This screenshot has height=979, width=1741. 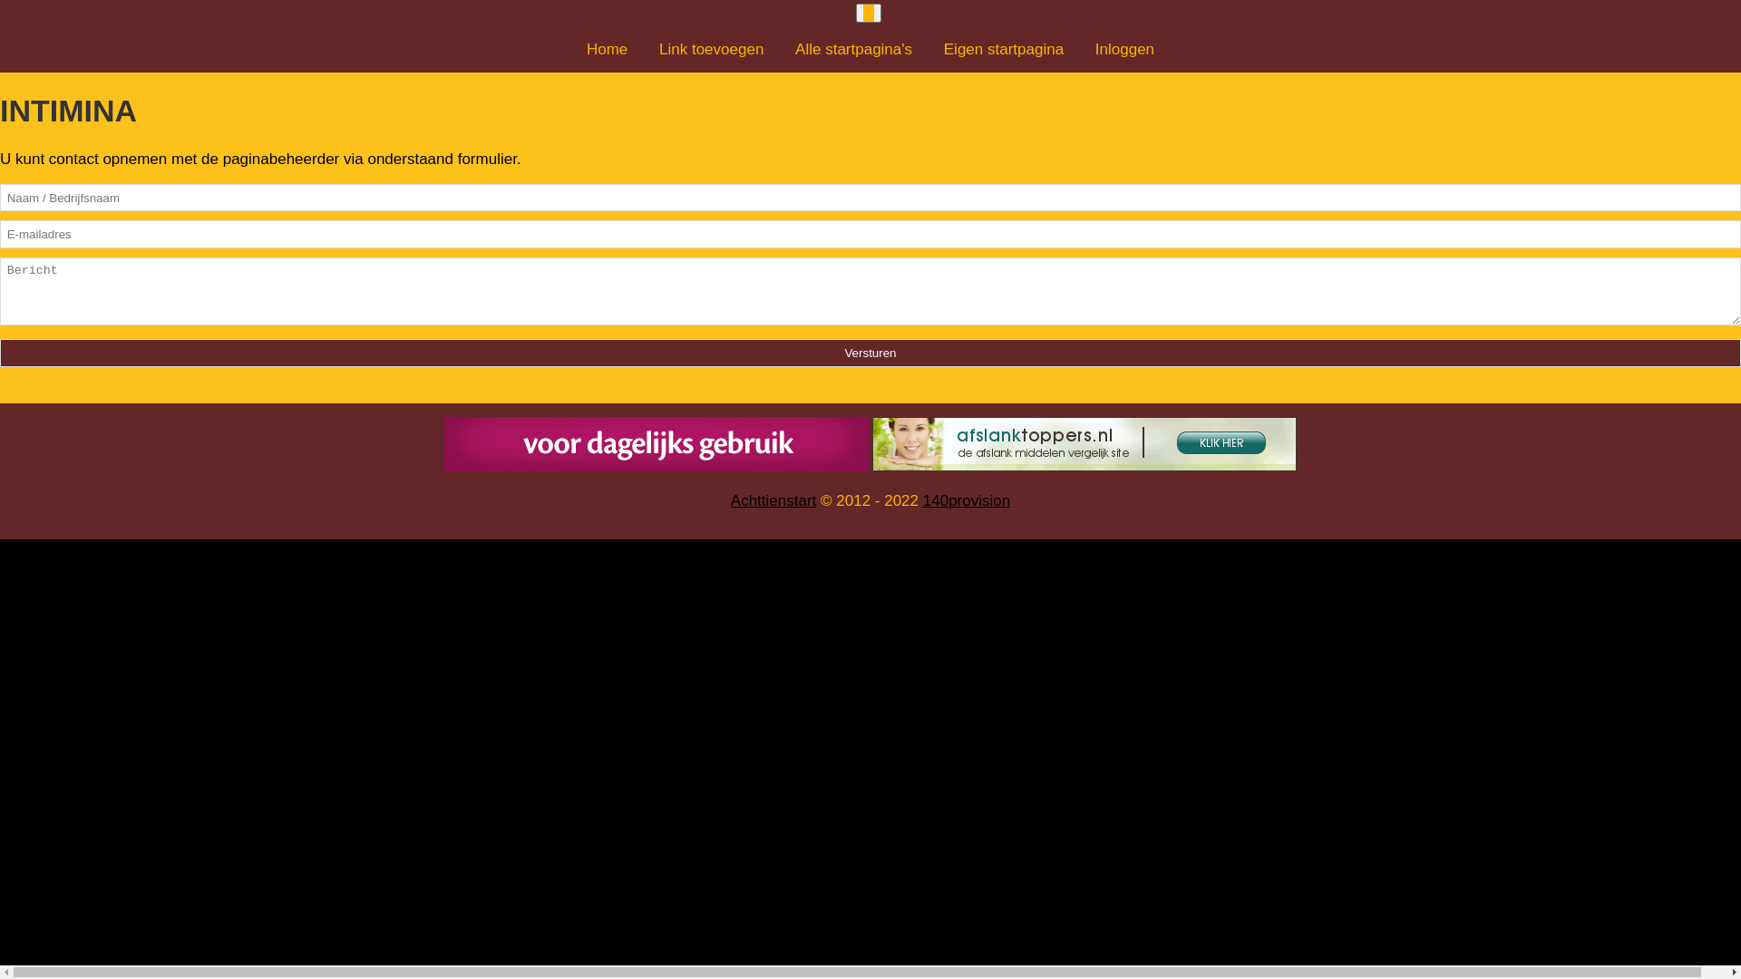 I want to click on 'De beste afslankmiddelen op een site', so click(x=1084, y=443).